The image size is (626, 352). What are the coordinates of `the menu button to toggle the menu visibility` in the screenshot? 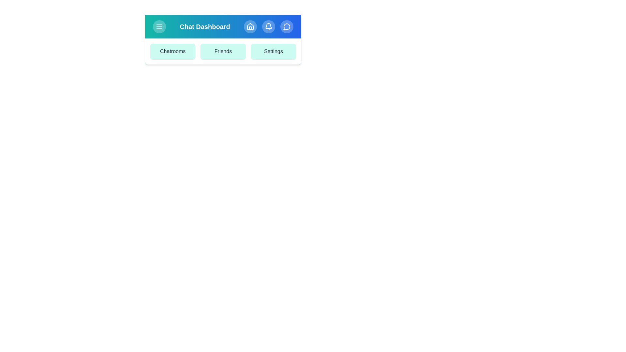 It's located at (159, 26).